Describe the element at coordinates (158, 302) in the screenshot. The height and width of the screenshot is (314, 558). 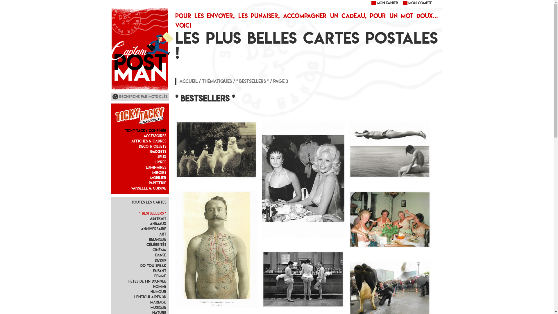
I see `'mariage'` at that location.